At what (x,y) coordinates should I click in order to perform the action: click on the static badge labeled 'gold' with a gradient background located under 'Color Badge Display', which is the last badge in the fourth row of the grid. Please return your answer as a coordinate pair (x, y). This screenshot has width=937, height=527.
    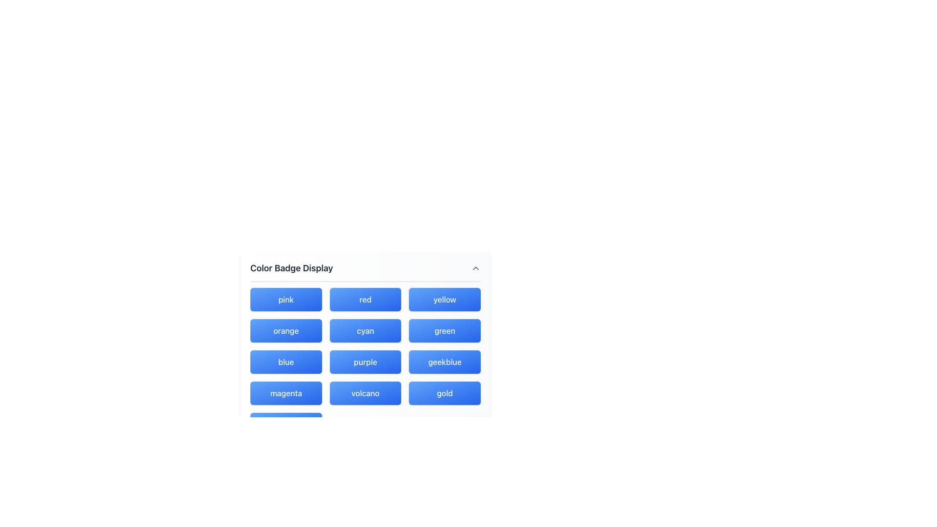
    Looking at the image, I should click on (444, 393).